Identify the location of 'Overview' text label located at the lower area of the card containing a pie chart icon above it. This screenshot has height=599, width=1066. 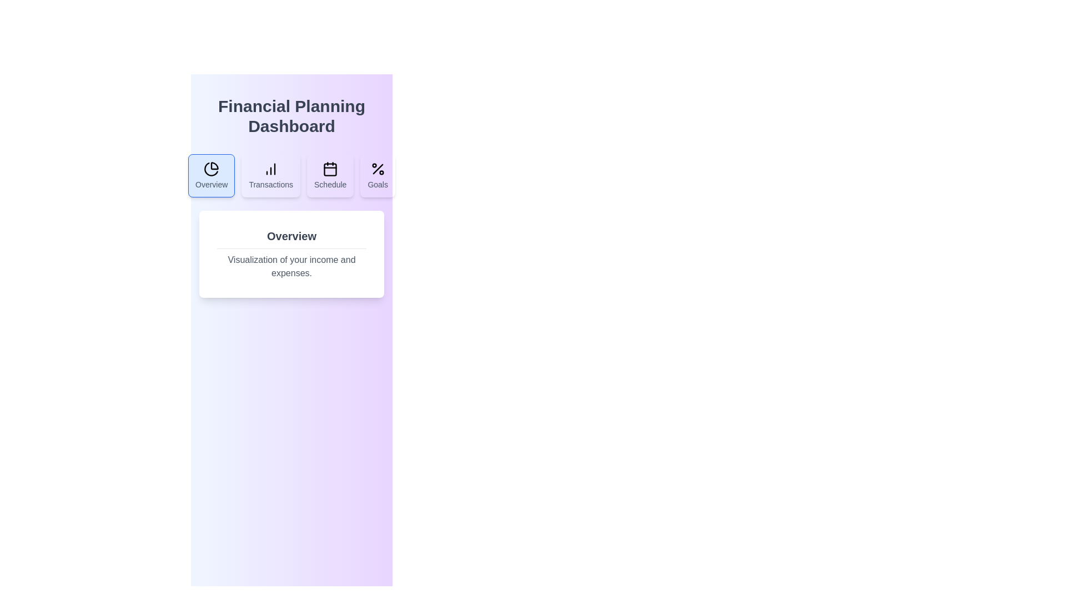
(212, 184).